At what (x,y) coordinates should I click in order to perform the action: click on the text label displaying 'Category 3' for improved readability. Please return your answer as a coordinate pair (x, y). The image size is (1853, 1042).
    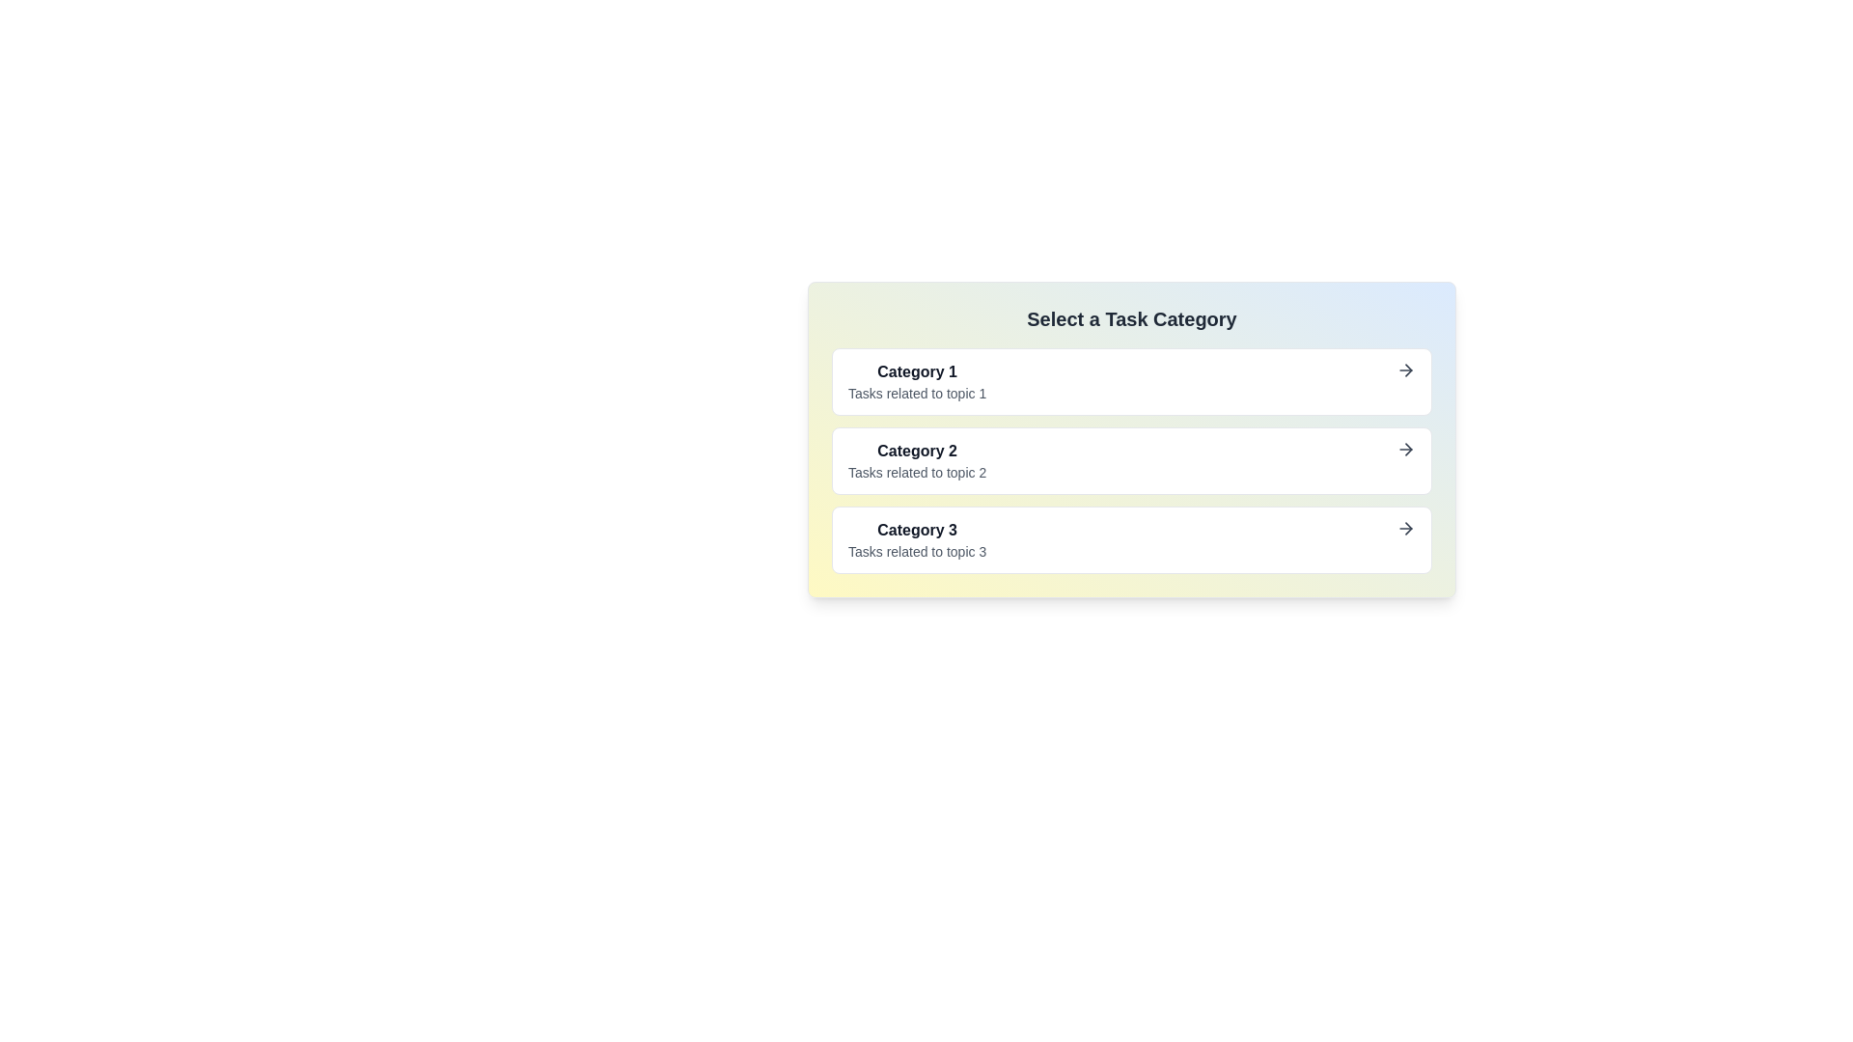
    Looking at the image, I should click on (916, 530).